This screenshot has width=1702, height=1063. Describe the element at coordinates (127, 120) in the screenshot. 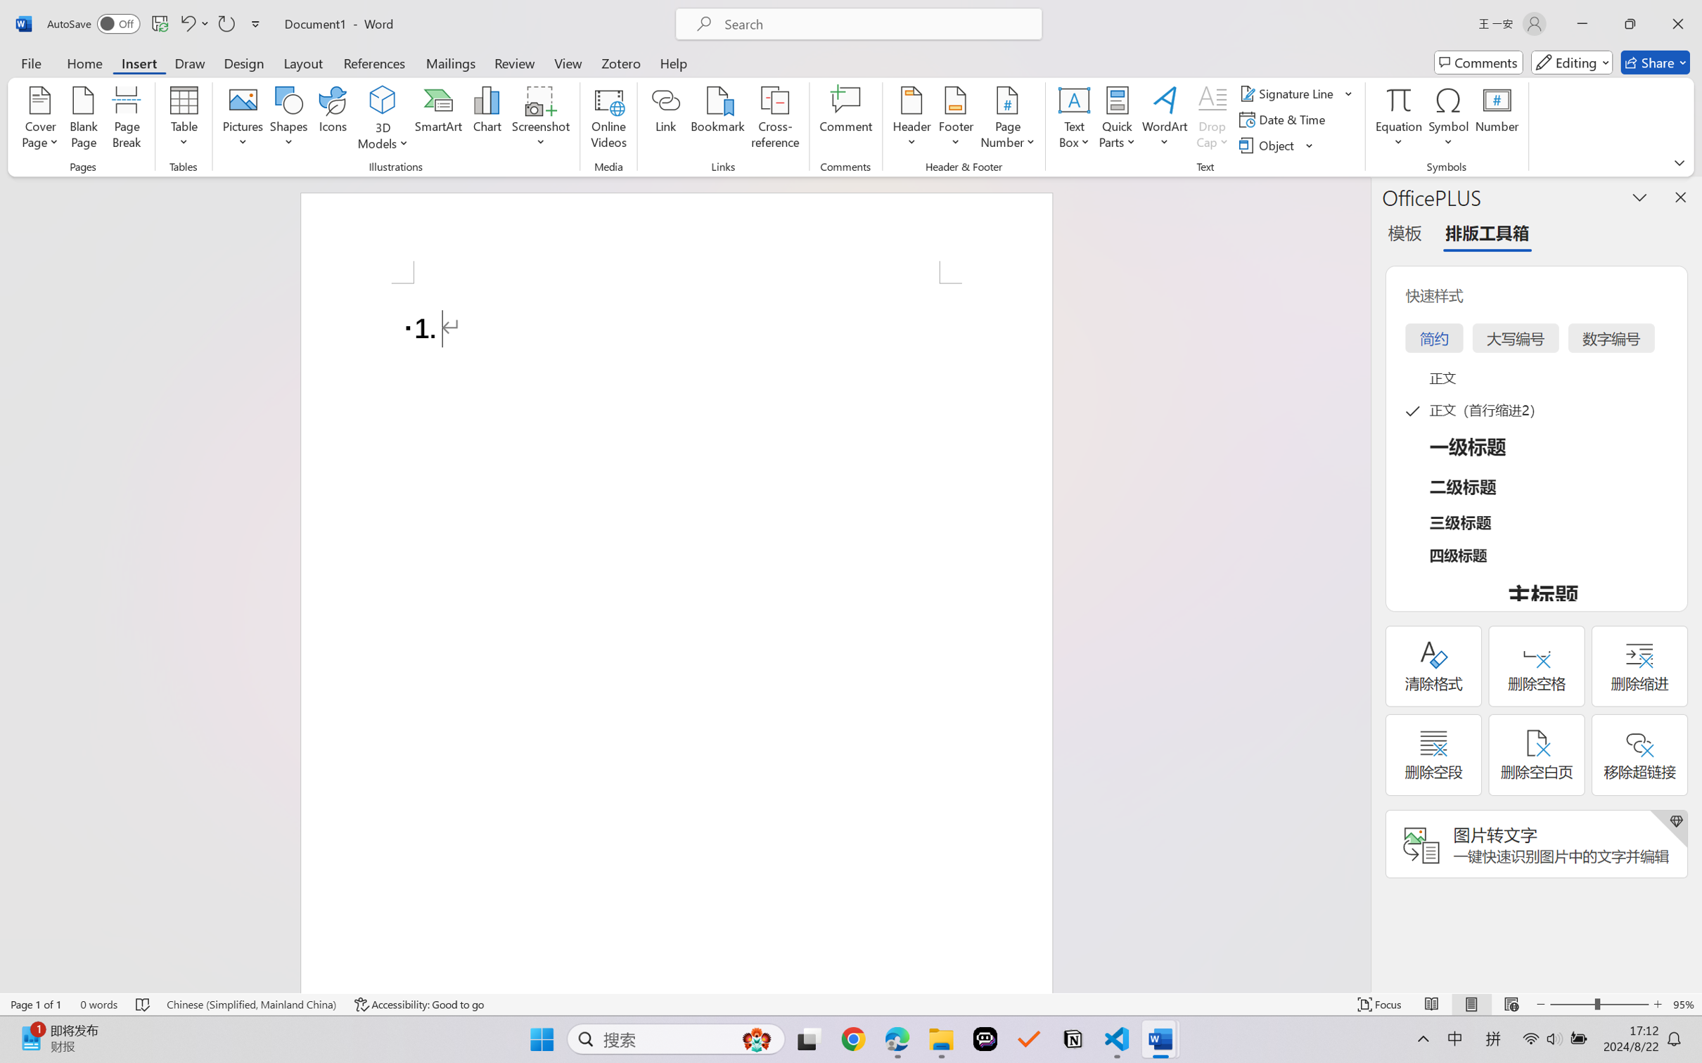

I see `'Page Break'` at that location.